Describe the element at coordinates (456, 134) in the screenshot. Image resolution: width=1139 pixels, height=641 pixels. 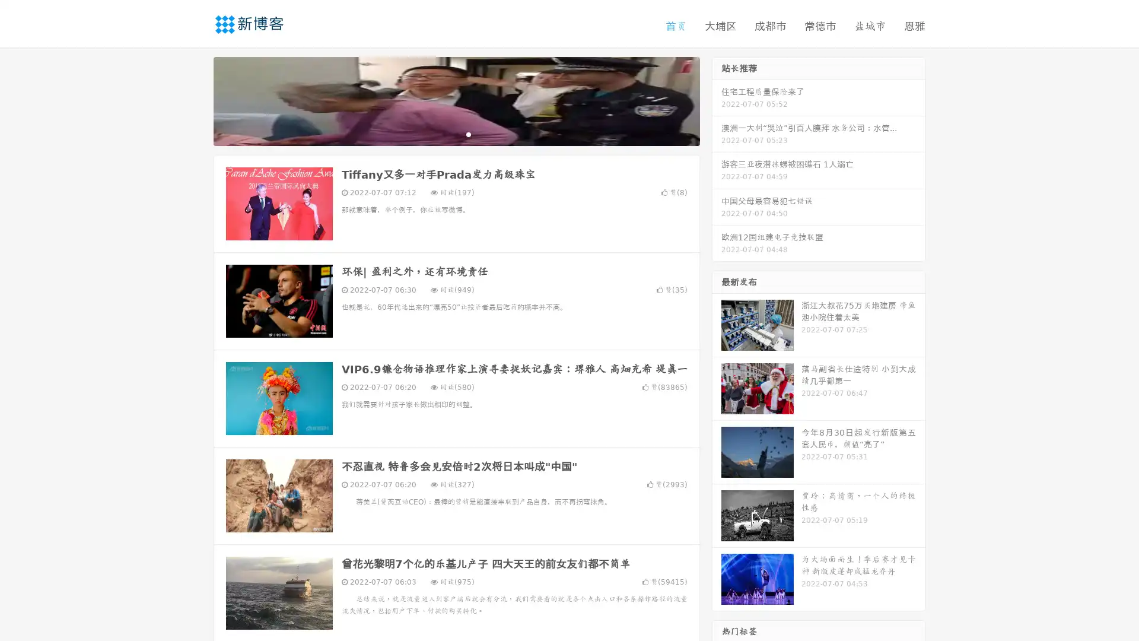
I see `Go to slide 2` at that location.